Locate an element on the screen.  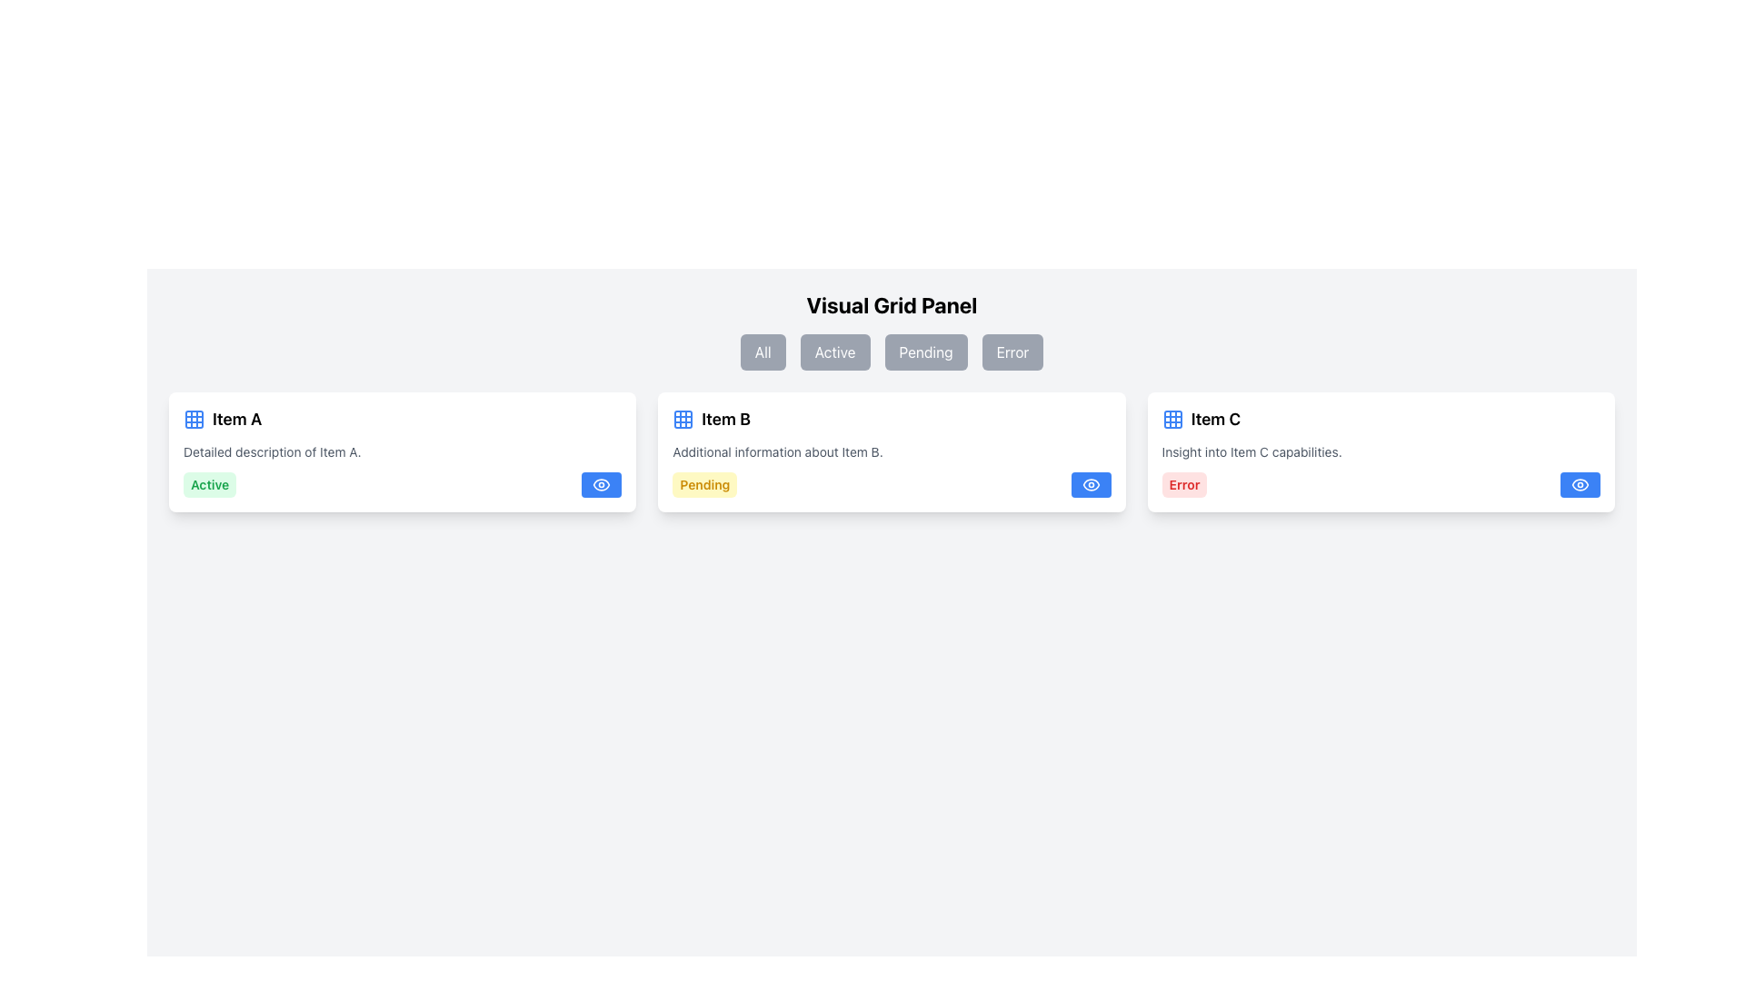
the small blue square with rounded corners located in the top-left square of the grid icon adjacent to the title 'Item A' is located at coordinates (1172, 420).